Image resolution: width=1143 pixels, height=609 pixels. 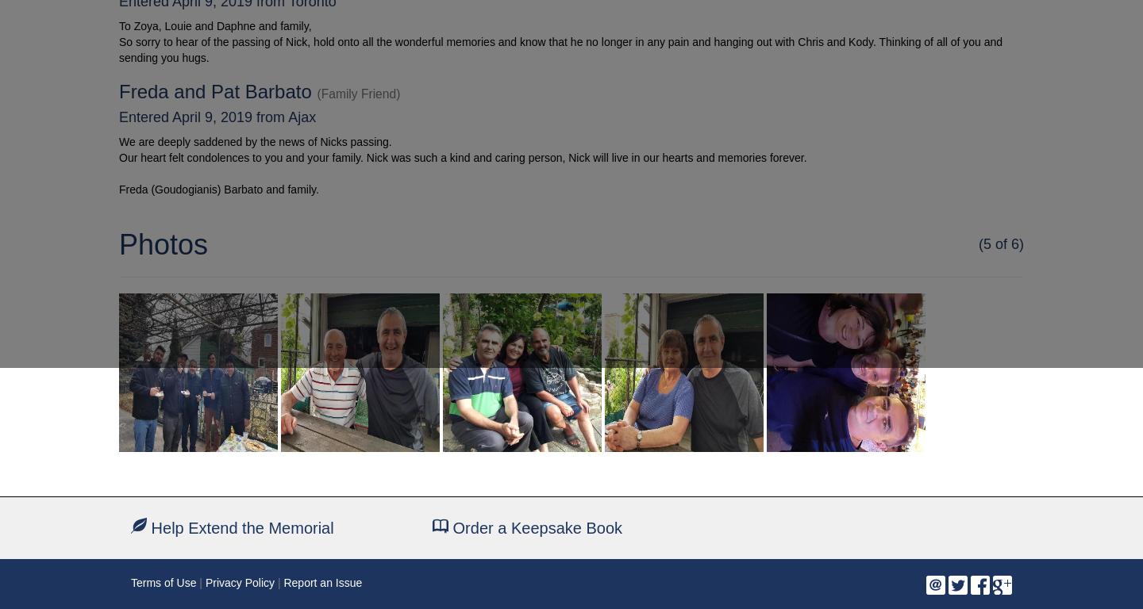 I want to click on 'Freda (Goudogianis) Barbato and family.', so click(x=217, y=190).